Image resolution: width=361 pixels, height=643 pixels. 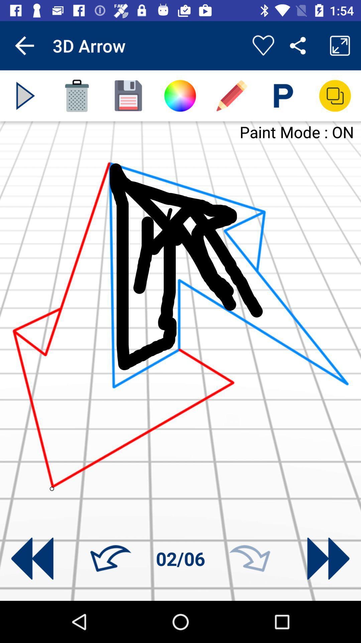 I want to click on previous, so click(x=32, y=559).